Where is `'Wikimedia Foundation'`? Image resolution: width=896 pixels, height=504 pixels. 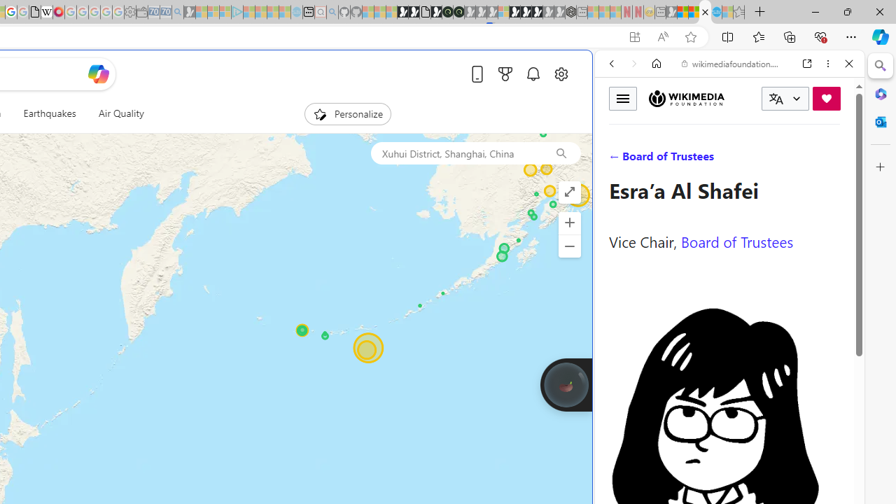
'Wikimedia Foundation' is located at coordinates (687, 97).